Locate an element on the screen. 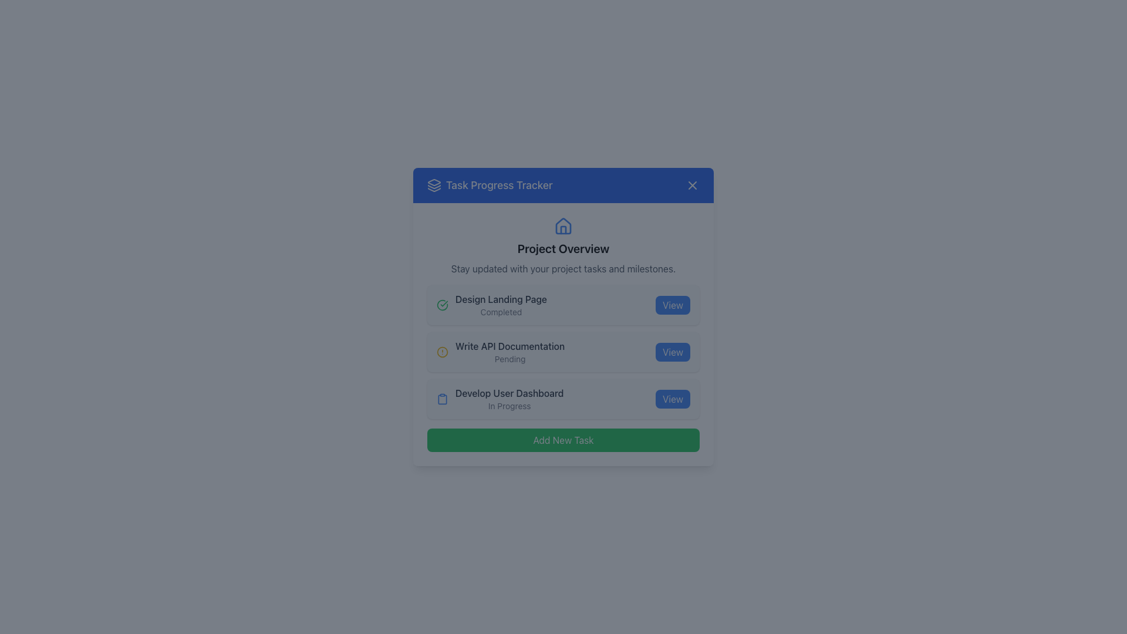 This screenshot has height=634, width=1127. the button located on the right side of the 'Write API Documentation' task is located at coordinates (673, 352).